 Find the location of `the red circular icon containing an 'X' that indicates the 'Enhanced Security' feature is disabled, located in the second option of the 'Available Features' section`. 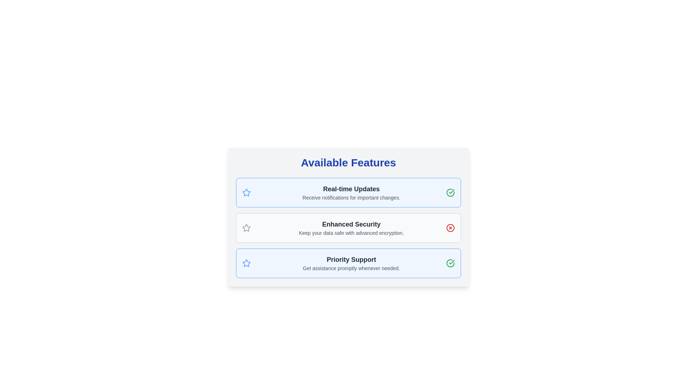

the red circular icon containing an 'X' that indicates the 'Enhanced Security' feature is disabled, located in the second option of the 'Available Features' section is located at coordinates (450, 228).